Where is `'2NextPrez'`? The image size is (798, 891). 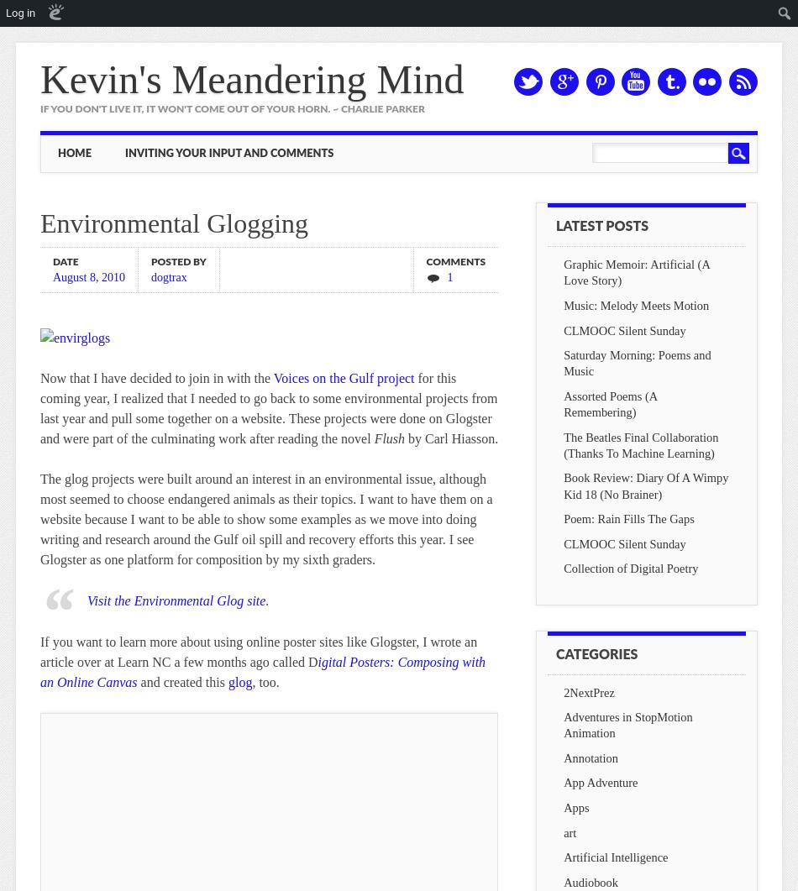
'2NextPrez' is located at coordinates (589, 691).